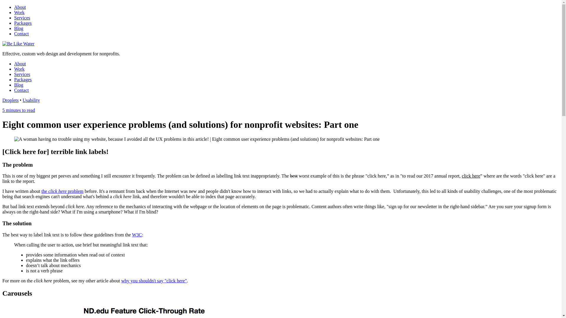 This screenshot has height=318, width=566. Describe the element at coordinates (19, 69) in the screenshot. I see `'Work'` at that location.